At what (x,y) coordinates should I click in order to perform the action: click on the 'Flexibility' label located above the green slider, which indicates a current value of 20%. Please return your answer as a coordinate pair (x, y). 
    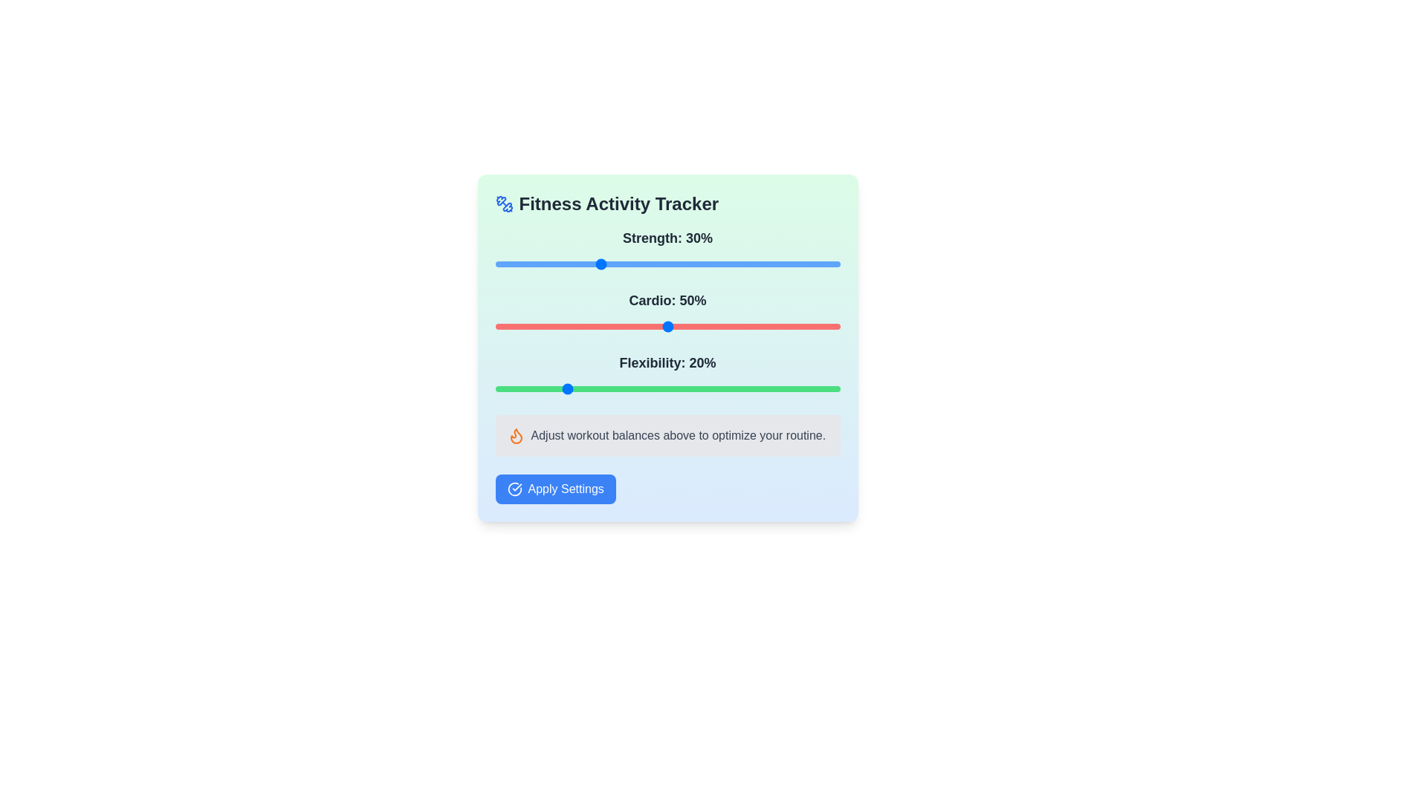
    Looking at the image, I should click on (667, 363).